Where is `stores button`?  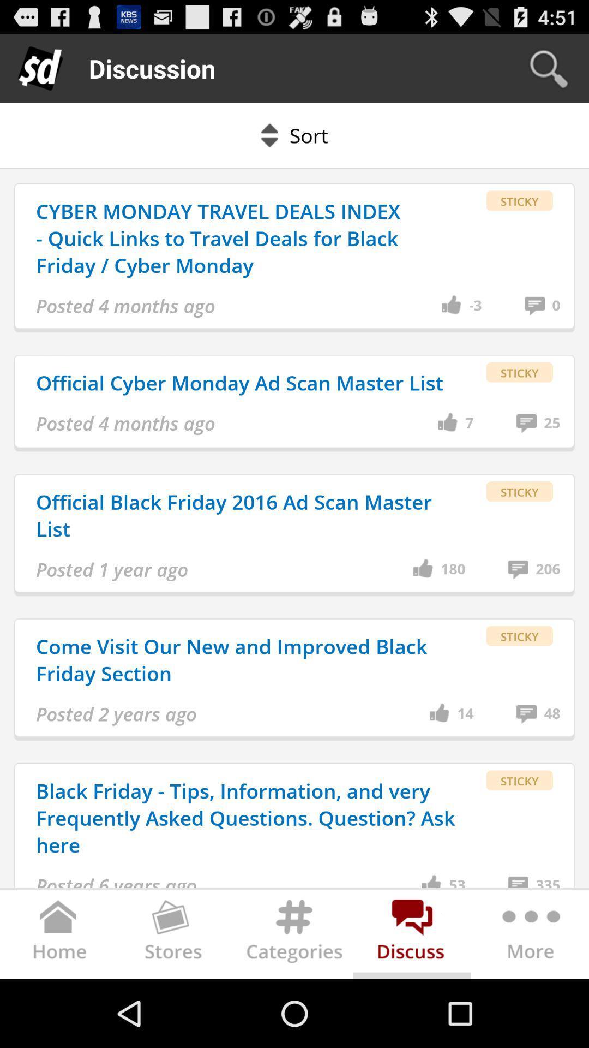
stores button is located at coordinates (176, 936).